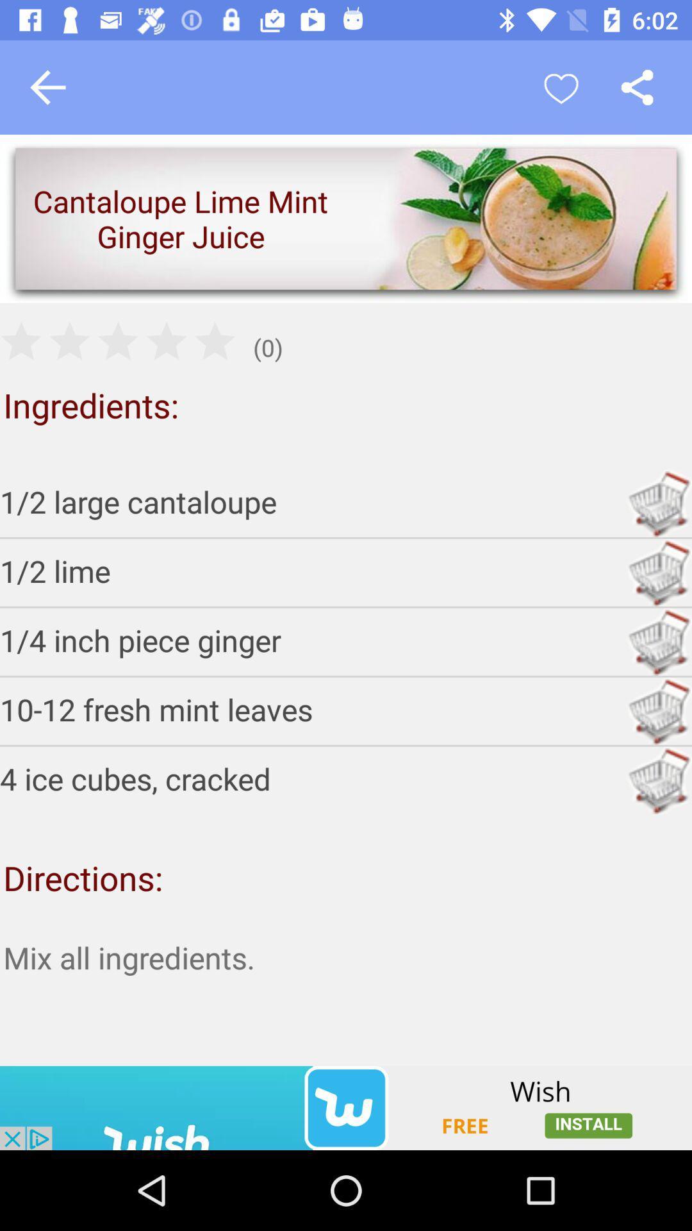 Image resolution: width=692 pixels, height=1231 pixels. I want to click on like simple, so click(560, 87).